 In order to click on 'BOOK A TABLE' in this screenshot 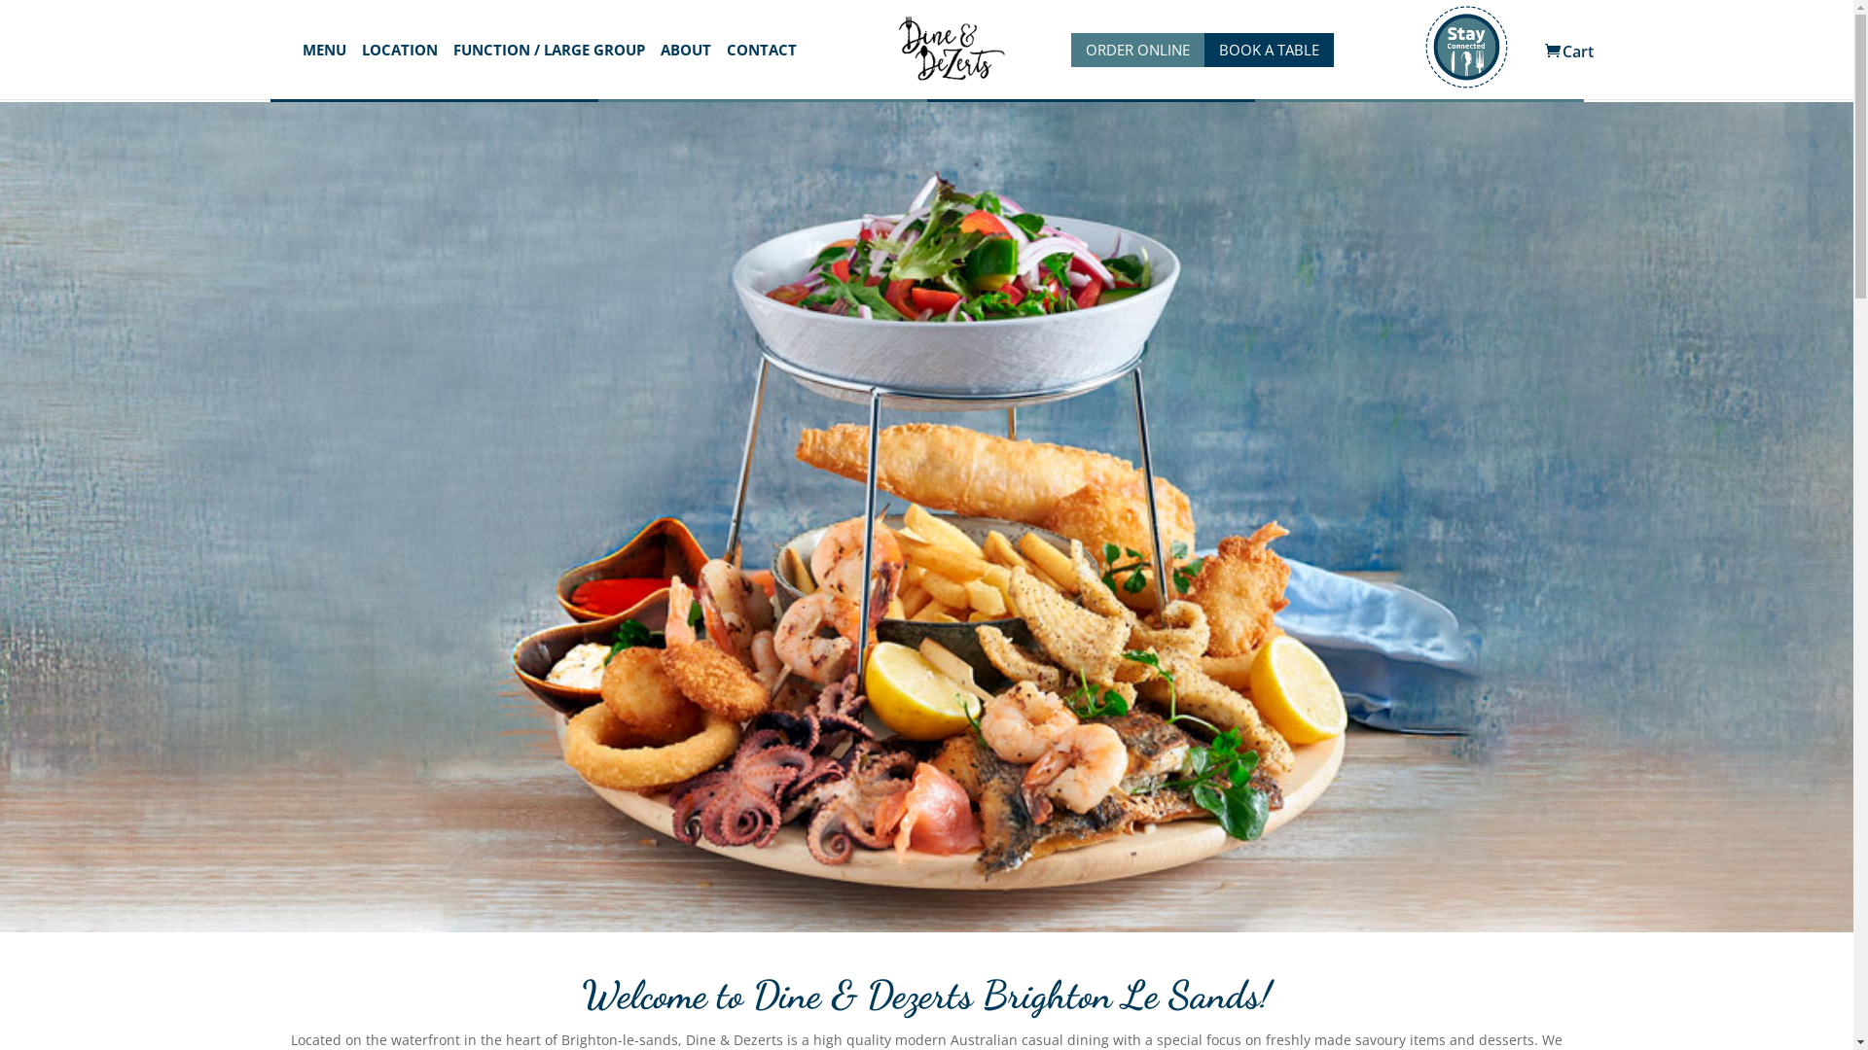, I will do `click(1269, 49)`.